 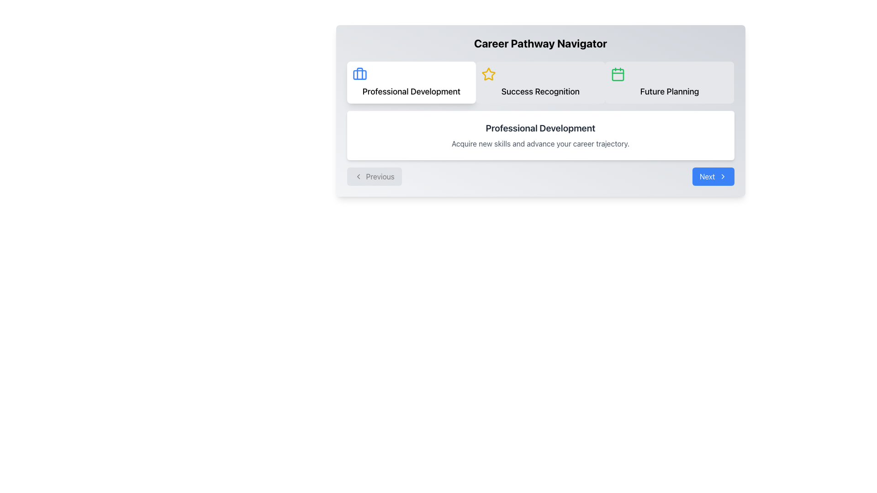 What do you see at coordinates (540, 144) in the screenshot?
I see `the text element that reads 'Acquire new skills and advance your career trajectory.' which is styled in a small, grey font and located beneath the 'Professional Development' header` at bounding box center [540, 144].